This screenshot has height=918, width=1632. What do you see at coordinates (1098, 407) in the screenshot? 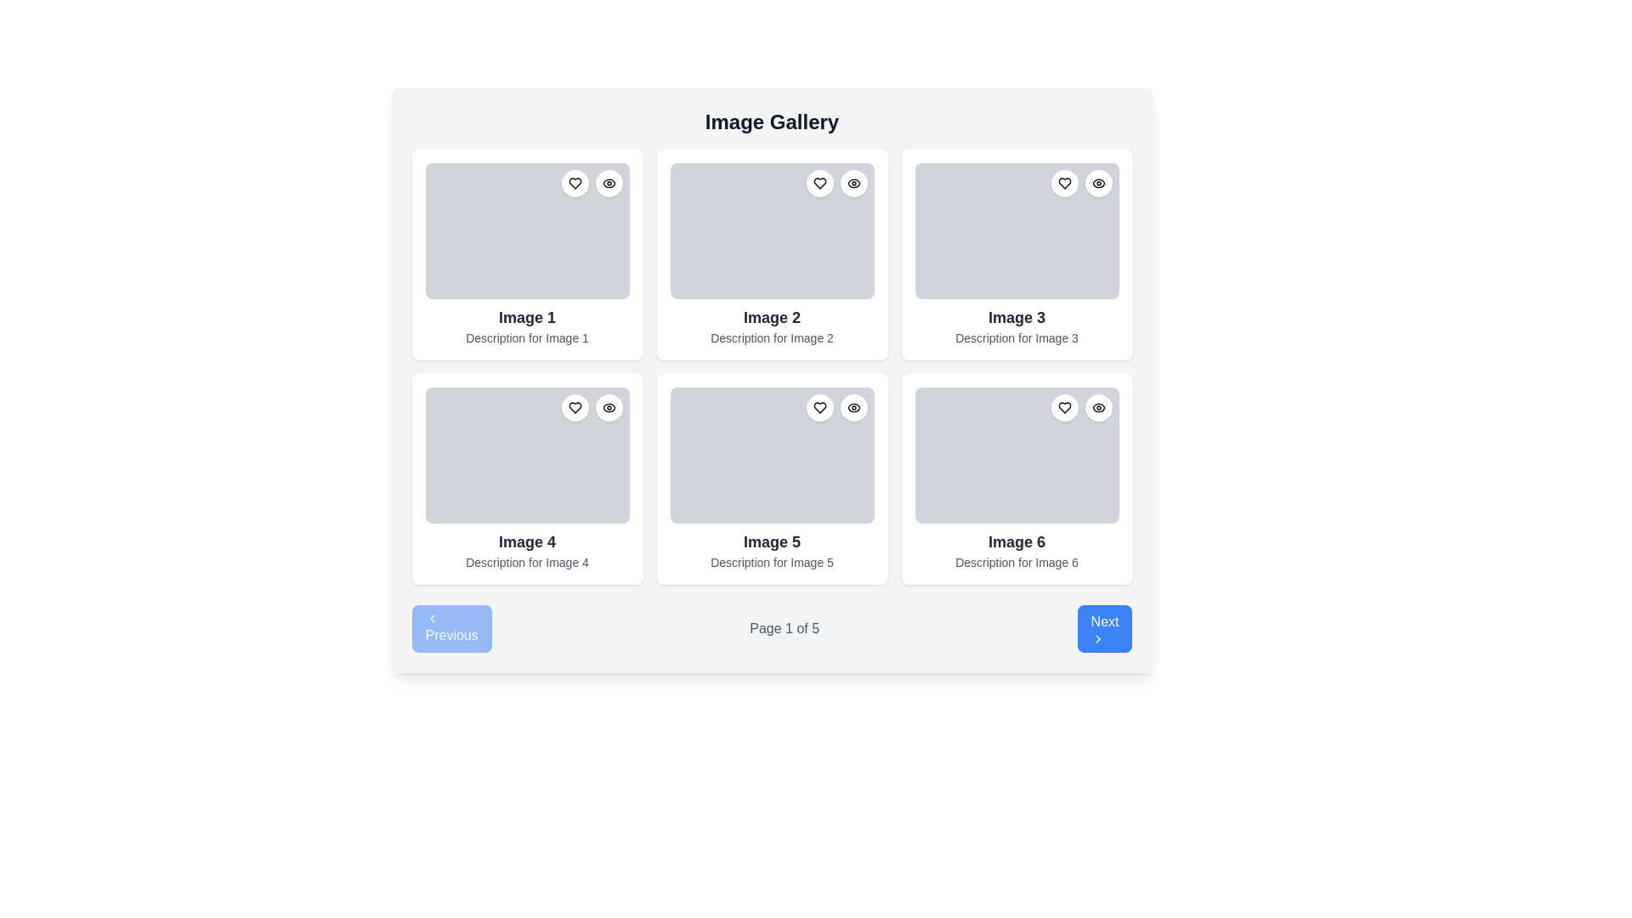
I see `the button in the top-right corner of the card displaying 'Image 6'` at bounding box center [1098, 407].